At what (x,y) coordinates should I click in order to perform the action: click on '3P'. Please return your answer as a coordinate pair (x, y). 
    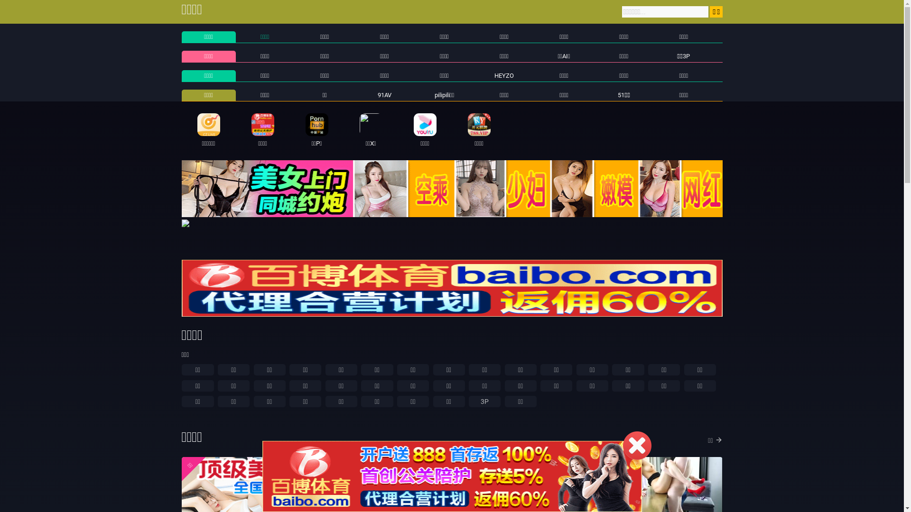
    Looking at the image, I should click on (484, 402).